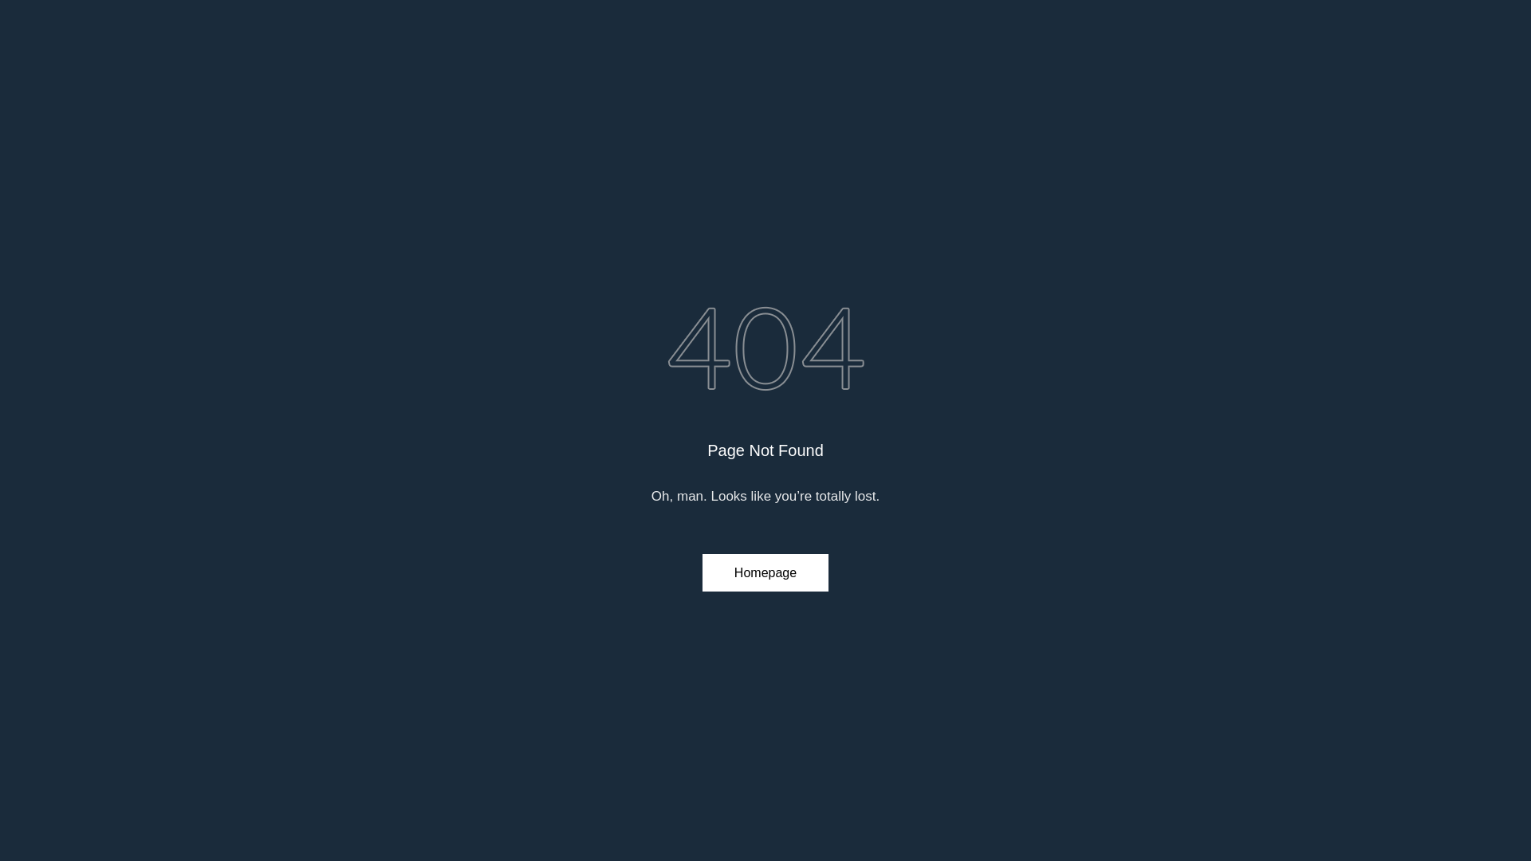  What do you see at coordinates (765, 572) in the screenshot?
I see `'Homepage'` at bounding box center [765, 572].